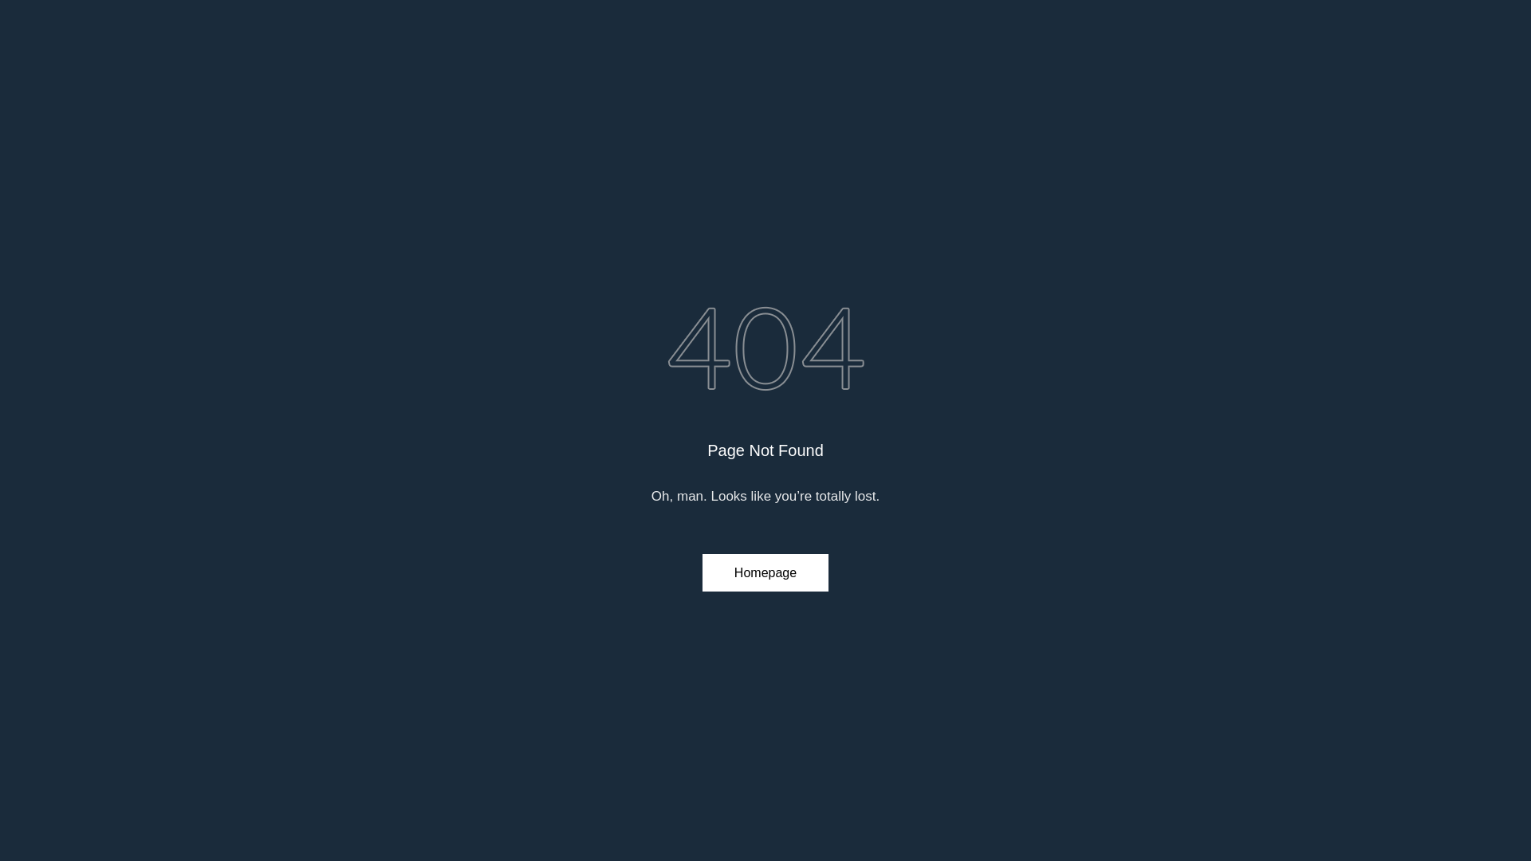  What do you see at coordinates (765, 572) in the screenshot?
I see `'Homepage'` at bounding box center [765, 572].